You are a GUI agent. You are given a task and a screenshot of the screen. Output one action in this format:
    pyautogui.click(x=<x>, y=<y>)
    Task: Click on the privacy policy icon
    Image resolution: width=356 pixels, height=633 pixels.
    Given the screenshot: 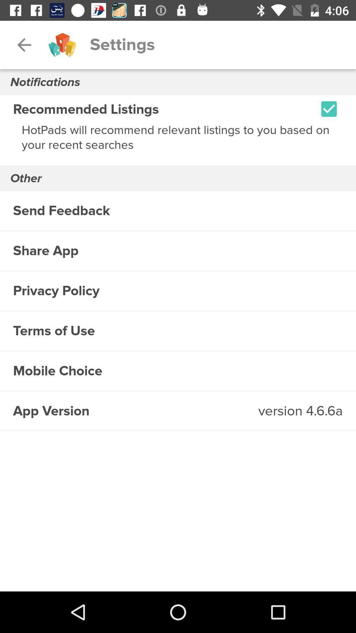 What is the action you would take?
    pyautogui.click(x=178, y=290)
    